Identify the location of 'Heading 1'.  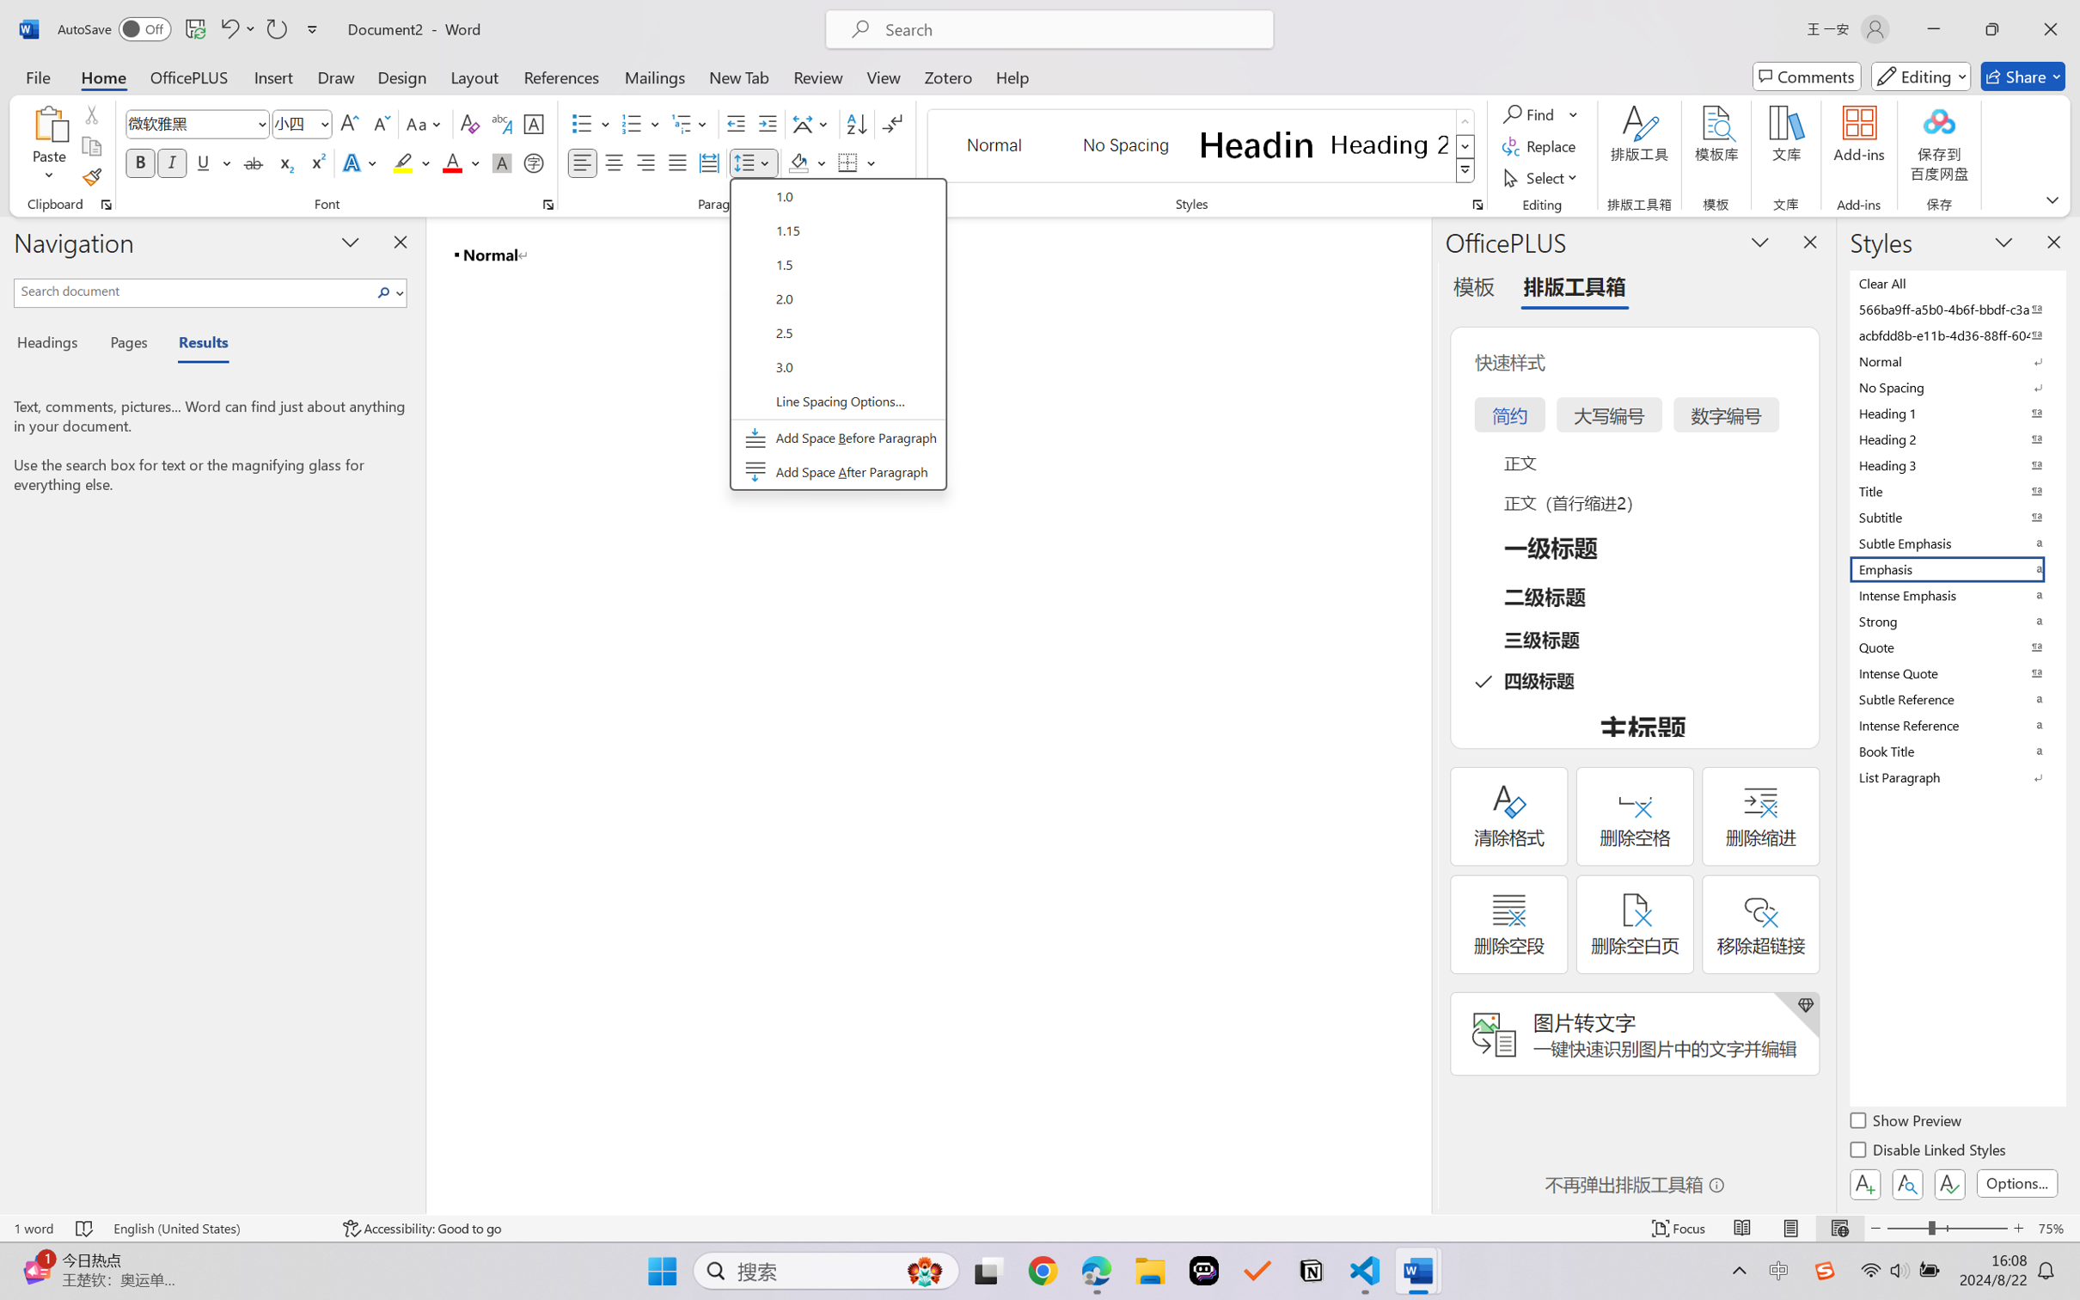
(1256, 144).